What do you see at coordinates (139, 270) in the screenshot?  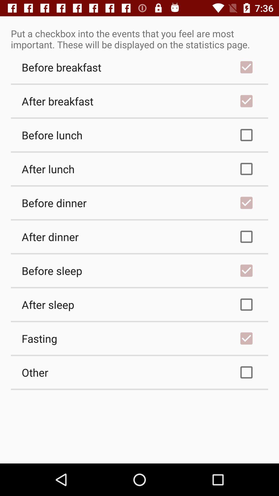 I see `before sleep item` at bounding box center [139, 270].